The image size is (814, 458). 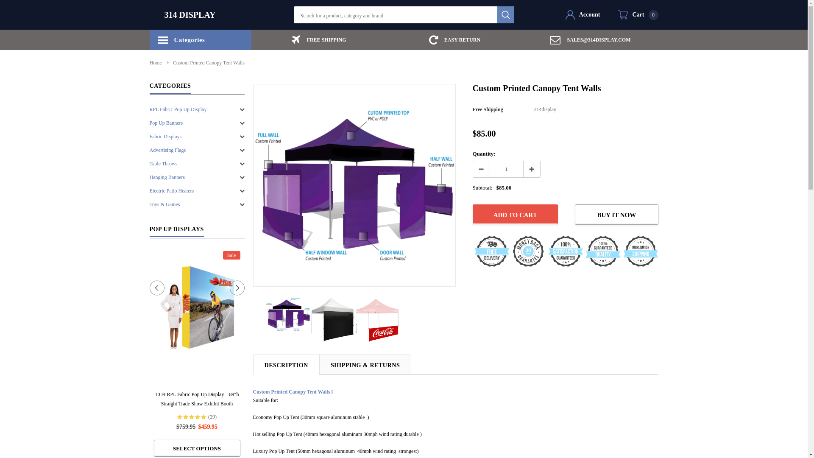 What do you see at coordinates (149, 39) in the screenshot?
I see `'Categories'` at bounding box center [149, 39].